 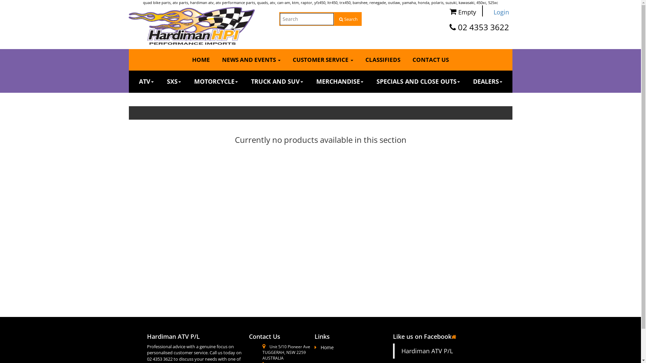 I want to click on 'HOME', so click(x=201, y=59).